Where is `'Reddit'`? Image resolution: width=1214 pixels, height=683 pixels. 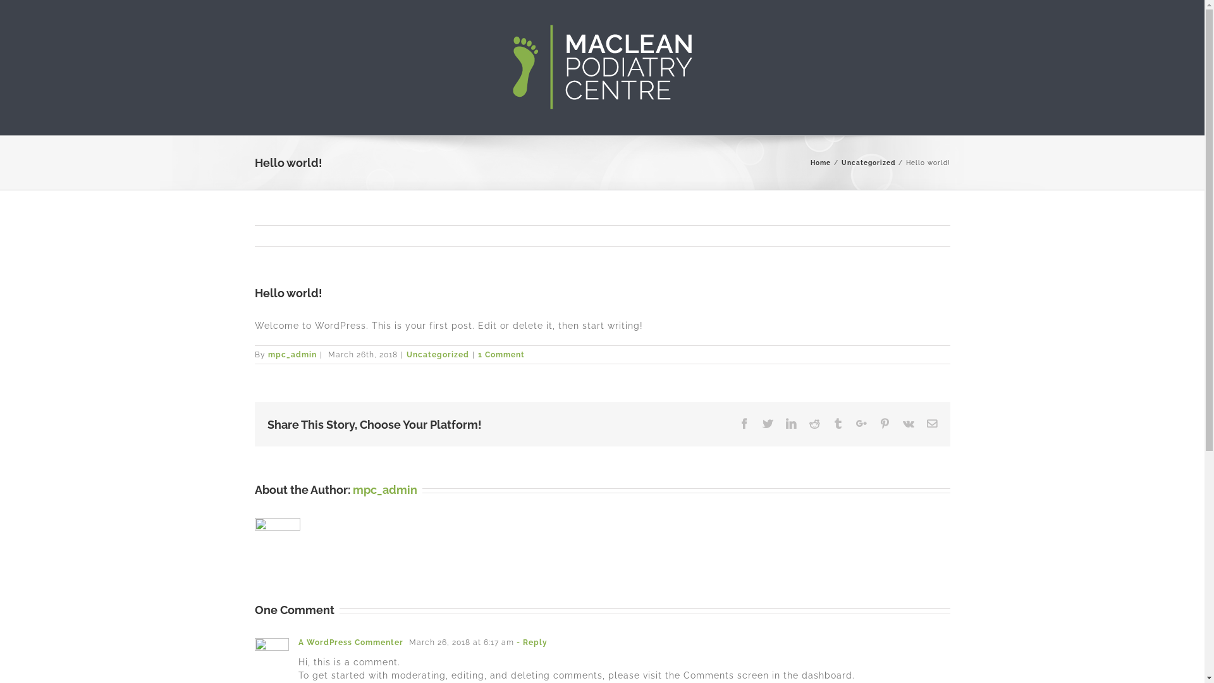
'Reddit' is located at coordinates (814, 424).